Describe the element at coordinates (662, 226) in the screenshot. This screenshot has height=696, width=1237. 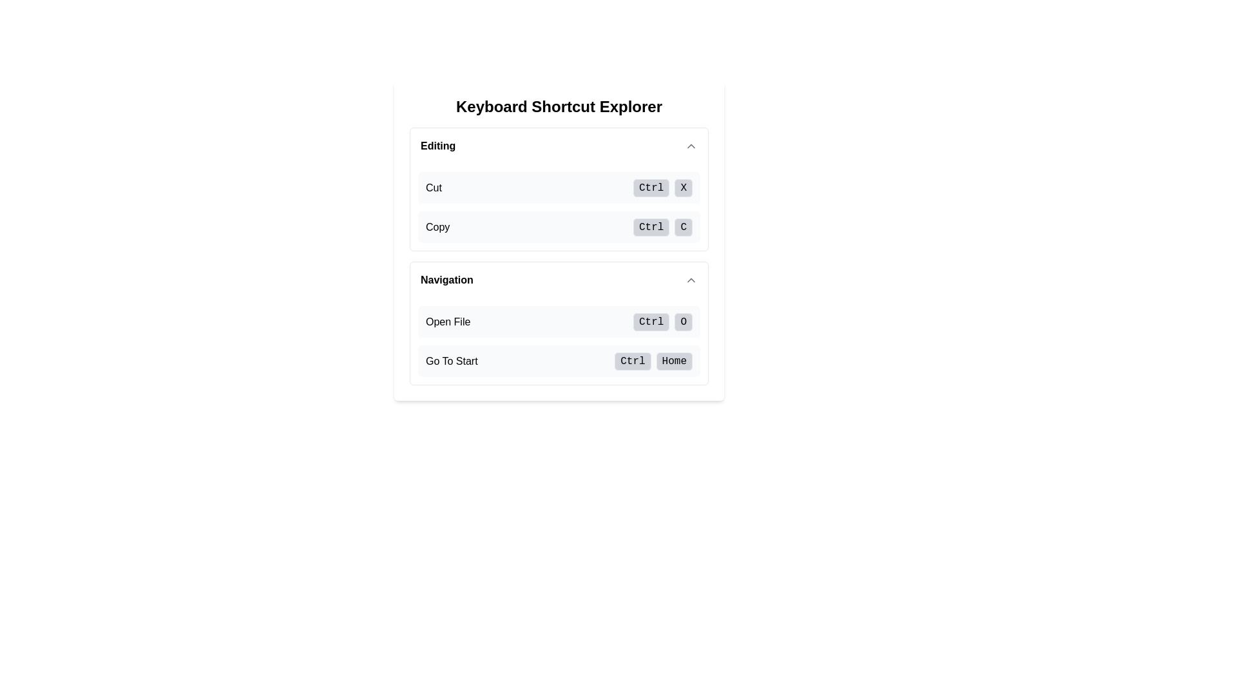
I see `the keyboard shortcut visual indicator for 'Ctrl + C' located in the 'Copy' section under 'Editing' to provide users with clear instructions for copying content` at that location.